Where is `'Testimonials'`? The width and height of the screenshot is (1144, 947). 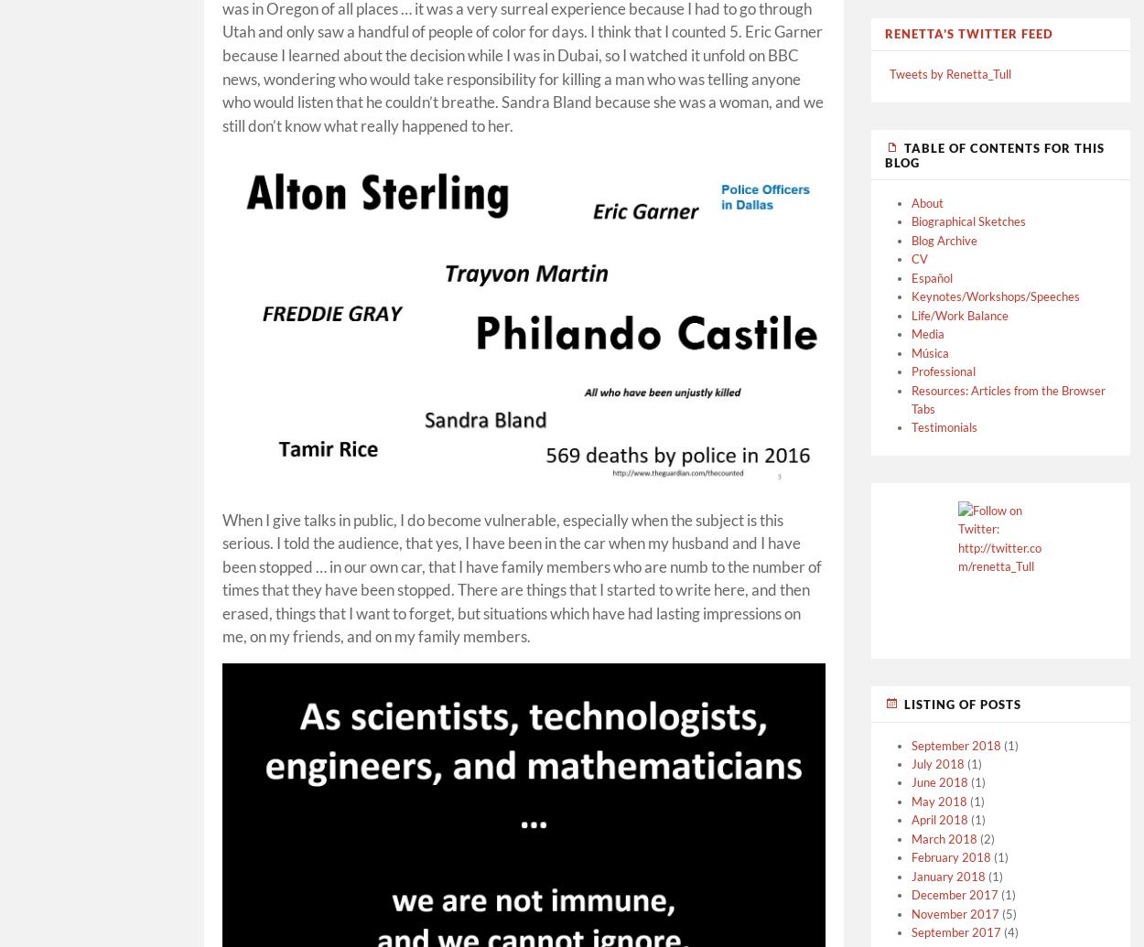 'Testimonials' is located at coordinates (944, 426).